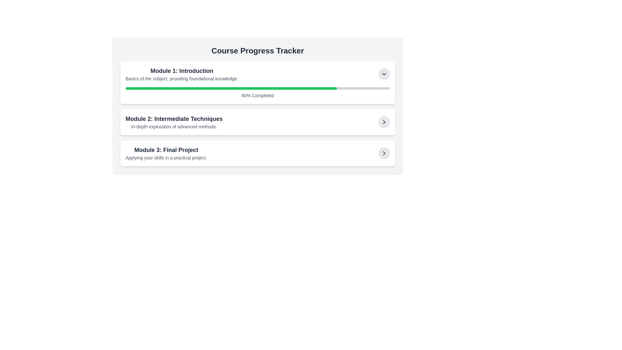  I want to click on the area surrounding the text block containing 'Basics of the subject, providing foundational knowledge.' which is styled in gray and located below 'Module 1: Introduction', so click(181, 78).